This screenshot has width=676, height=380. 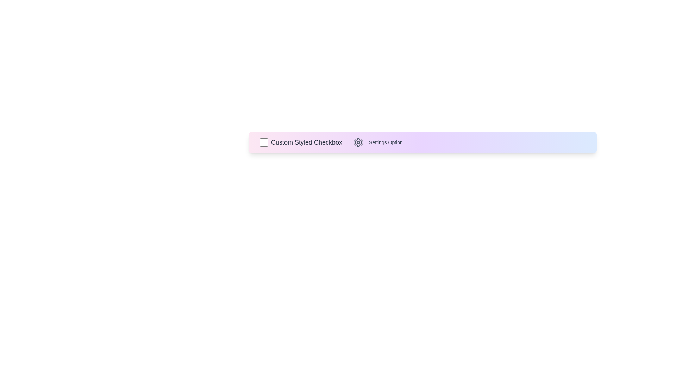 What do you see at coordinates (423, 142) in the screenshot?
I see `the background gradient area to inspect it` at bounding box center [423, 142].